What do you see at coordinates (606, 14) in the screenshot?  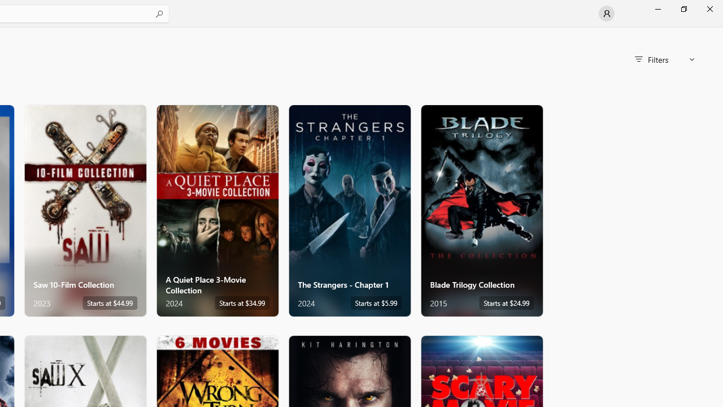 I see `'User profile'` at bounding box center [606, 14].